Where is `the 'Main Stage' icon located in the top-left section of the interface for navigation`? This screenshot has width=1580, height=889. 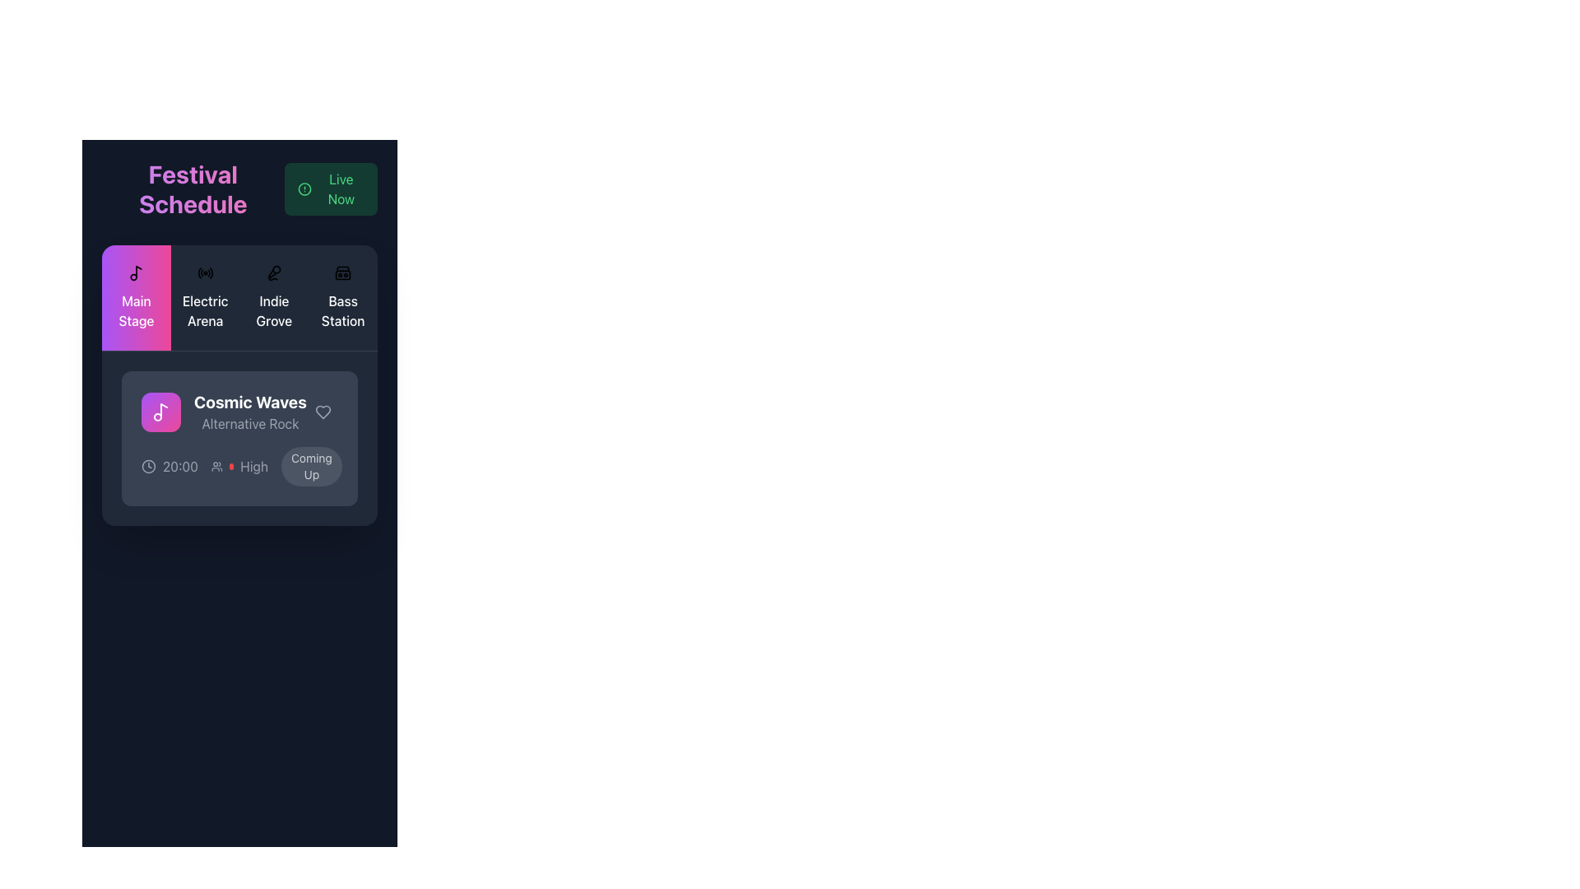
the 'Main Stage' icon located in the top-left section of the interface for navigation is located at coordinates (136, 272).